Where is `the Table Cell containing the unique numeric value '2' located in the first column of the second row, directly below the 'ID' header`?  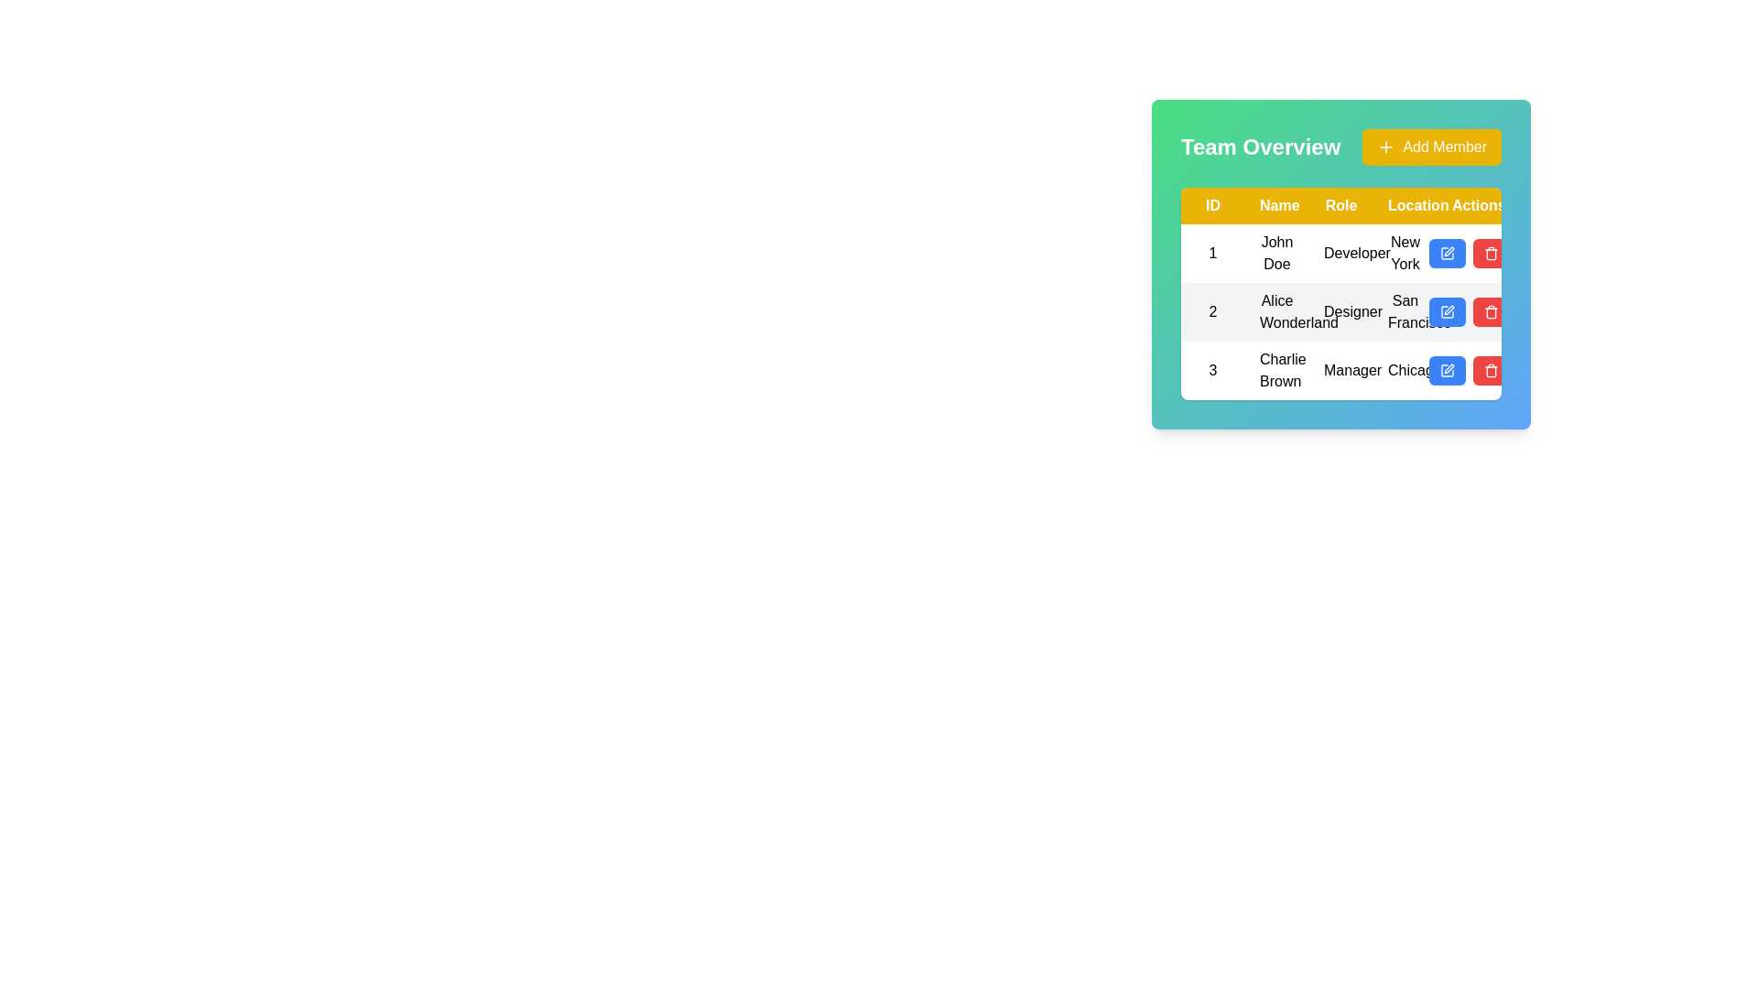 the Table Cell containing the unique numeric value '2' located in the first column of the second row, directly below the 'ID' header is located at coordinates (1212, 310).